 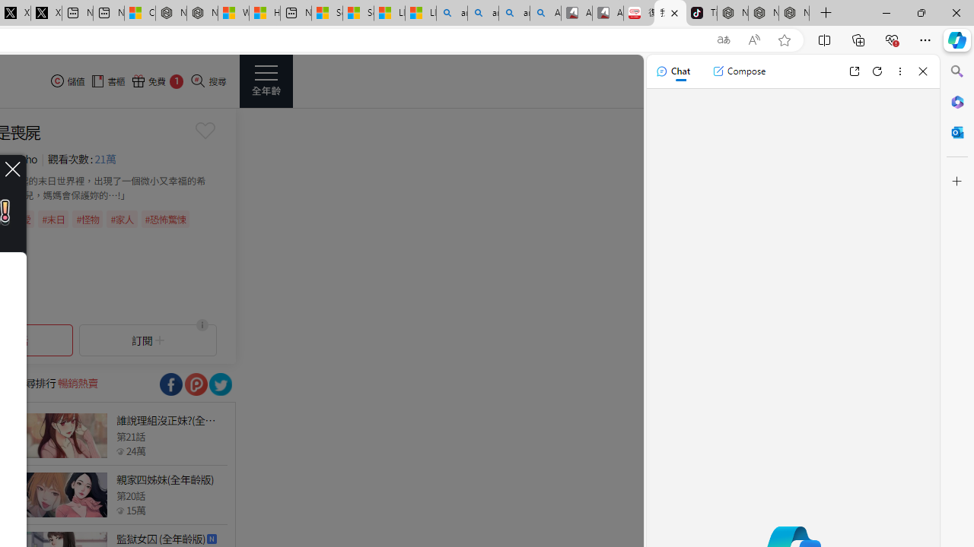 I want to click on 'Amazon Echo Robot - Search Images', so click(x=546, y=13).